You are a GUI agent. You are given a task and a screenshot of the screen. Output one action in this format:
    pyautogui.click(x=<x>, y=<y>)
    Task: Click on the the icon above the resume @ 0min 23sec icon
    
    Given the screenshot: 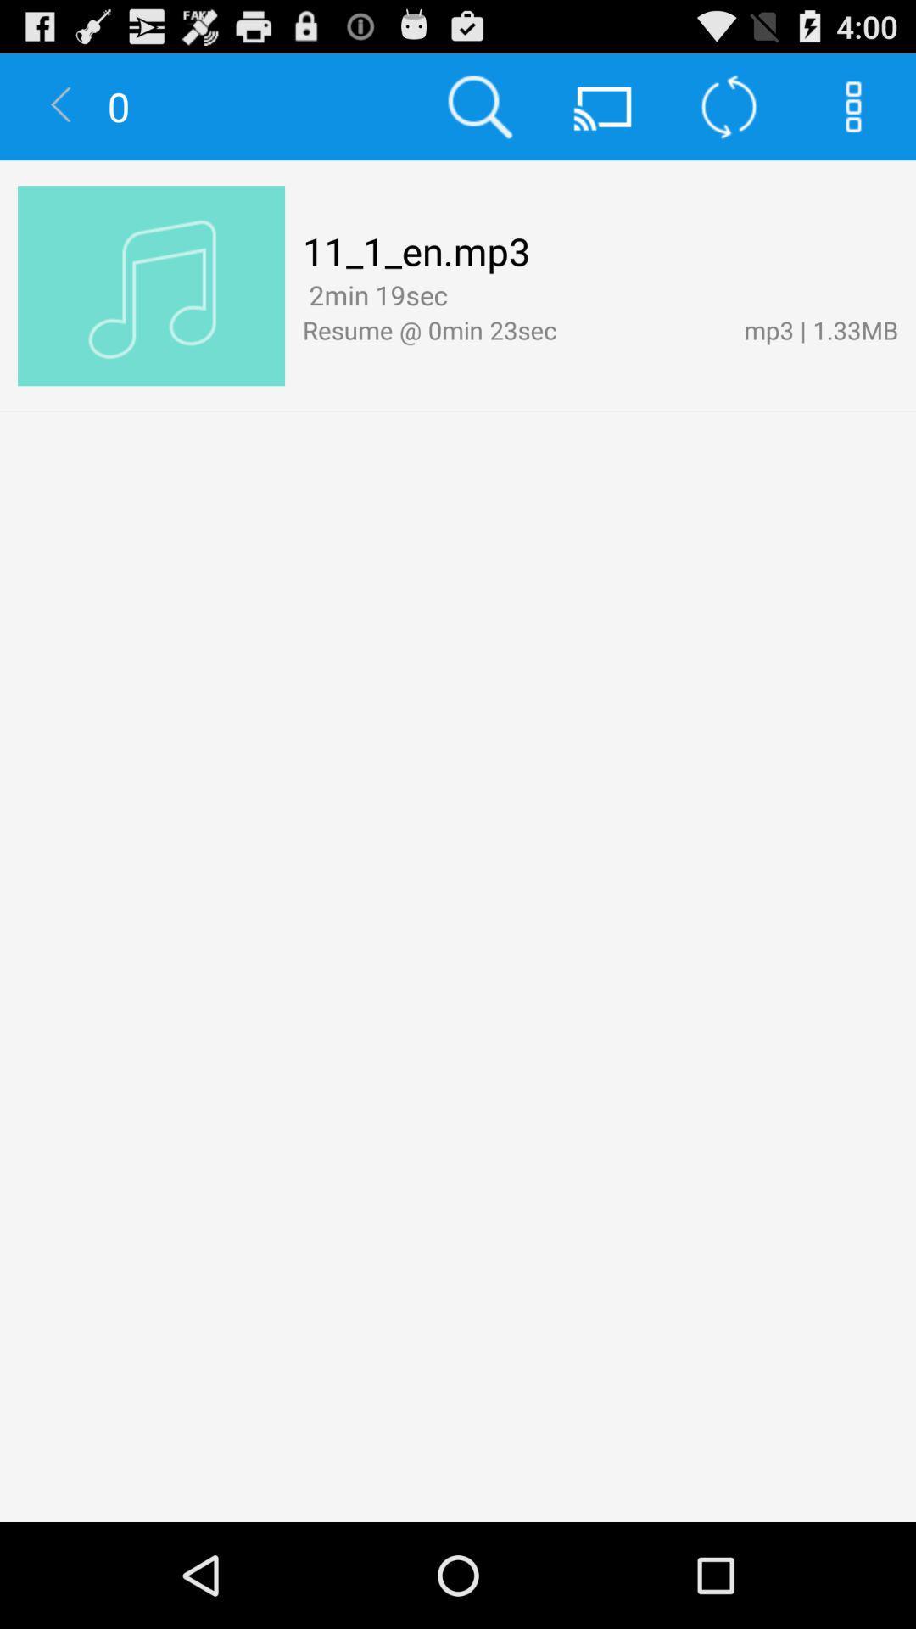 What is the action you would take?
    pyautogui.click(x=374, y=294)
    